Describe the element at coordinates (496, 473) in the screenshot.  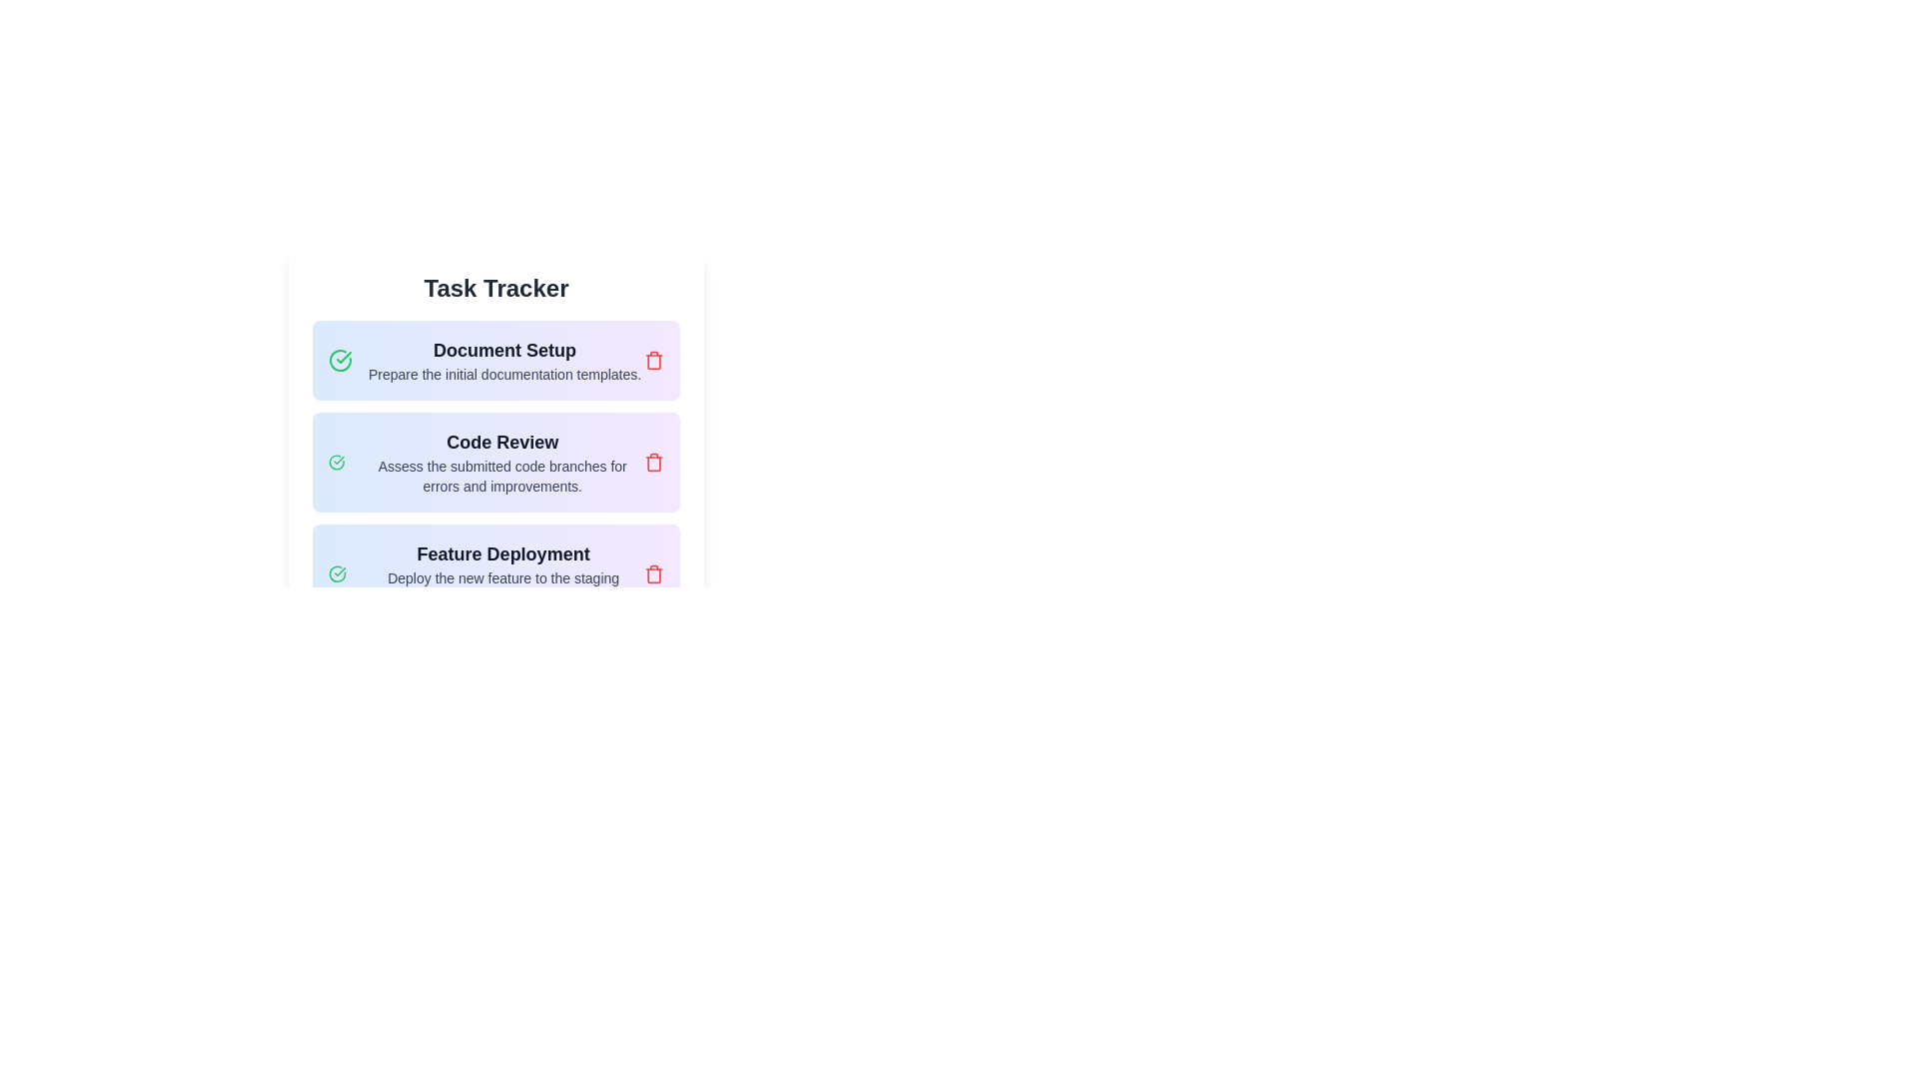
I see `the green checkmark icon on the 'Code Review' task item to indicate completion` at that location.